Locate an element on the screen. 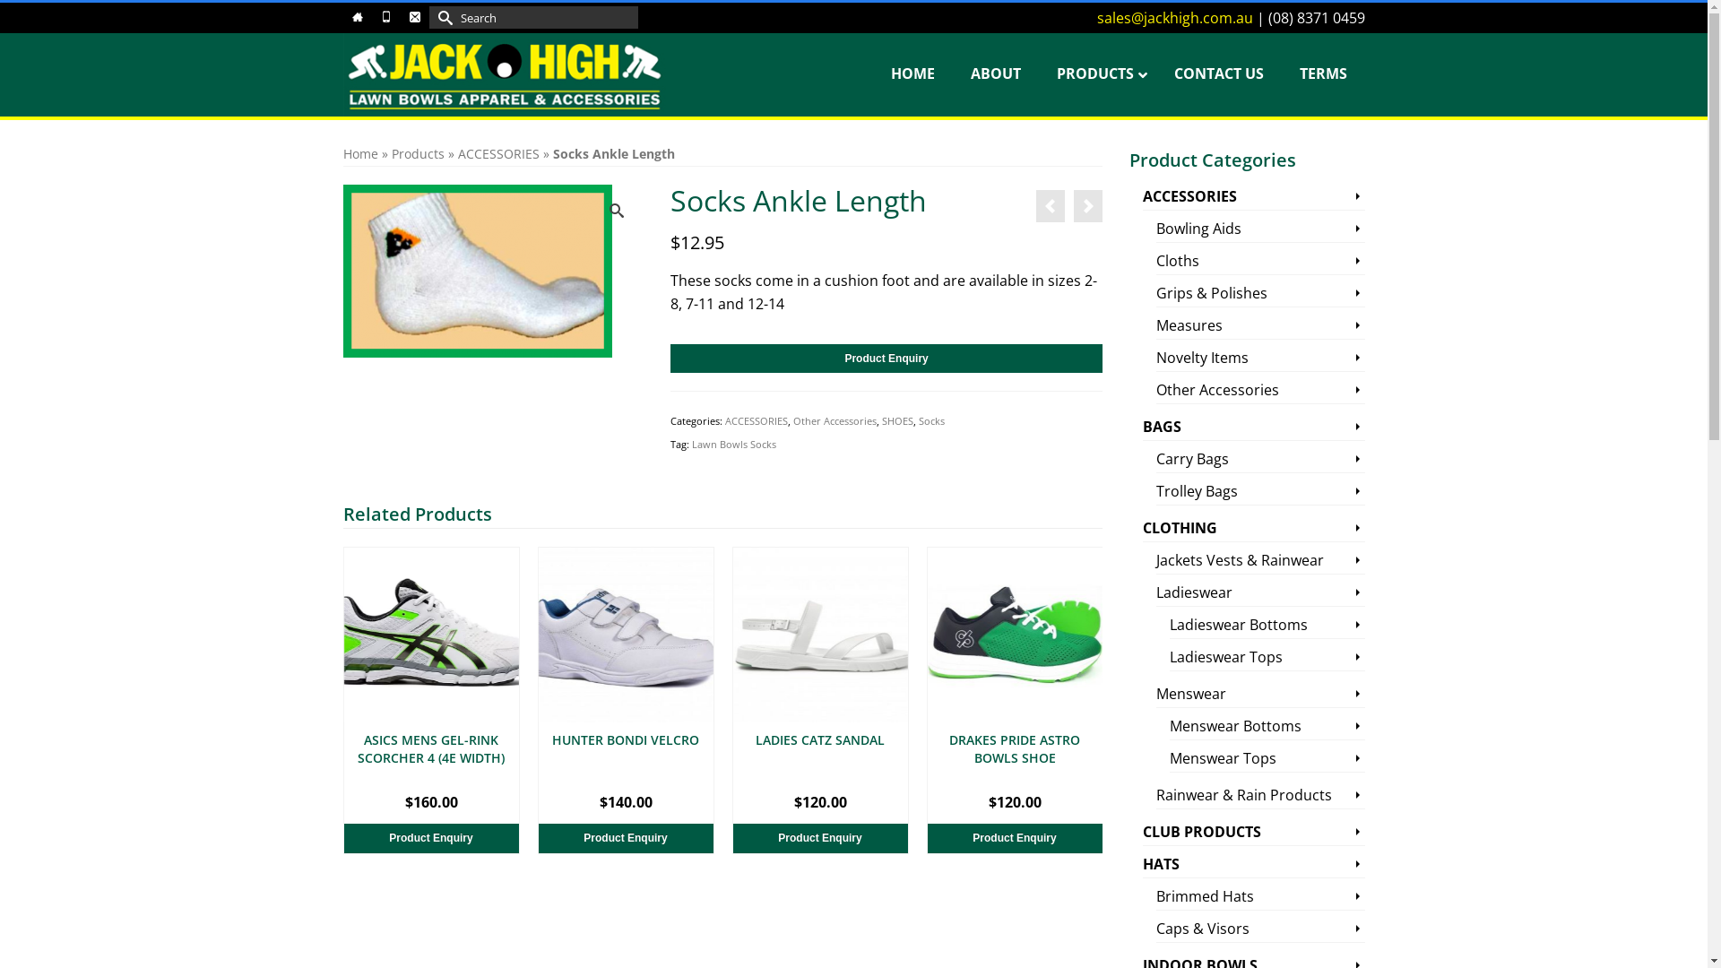  'Jackets Vests & Rainwear' is located at coordinates (1156, 559).